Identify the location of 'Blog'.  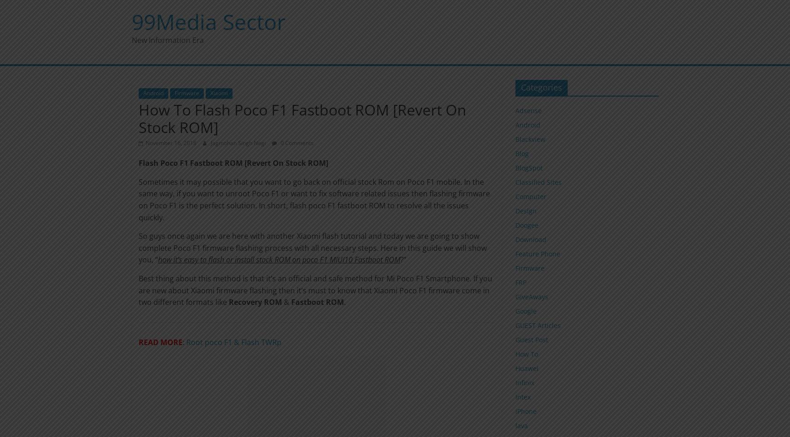
(521, 153).